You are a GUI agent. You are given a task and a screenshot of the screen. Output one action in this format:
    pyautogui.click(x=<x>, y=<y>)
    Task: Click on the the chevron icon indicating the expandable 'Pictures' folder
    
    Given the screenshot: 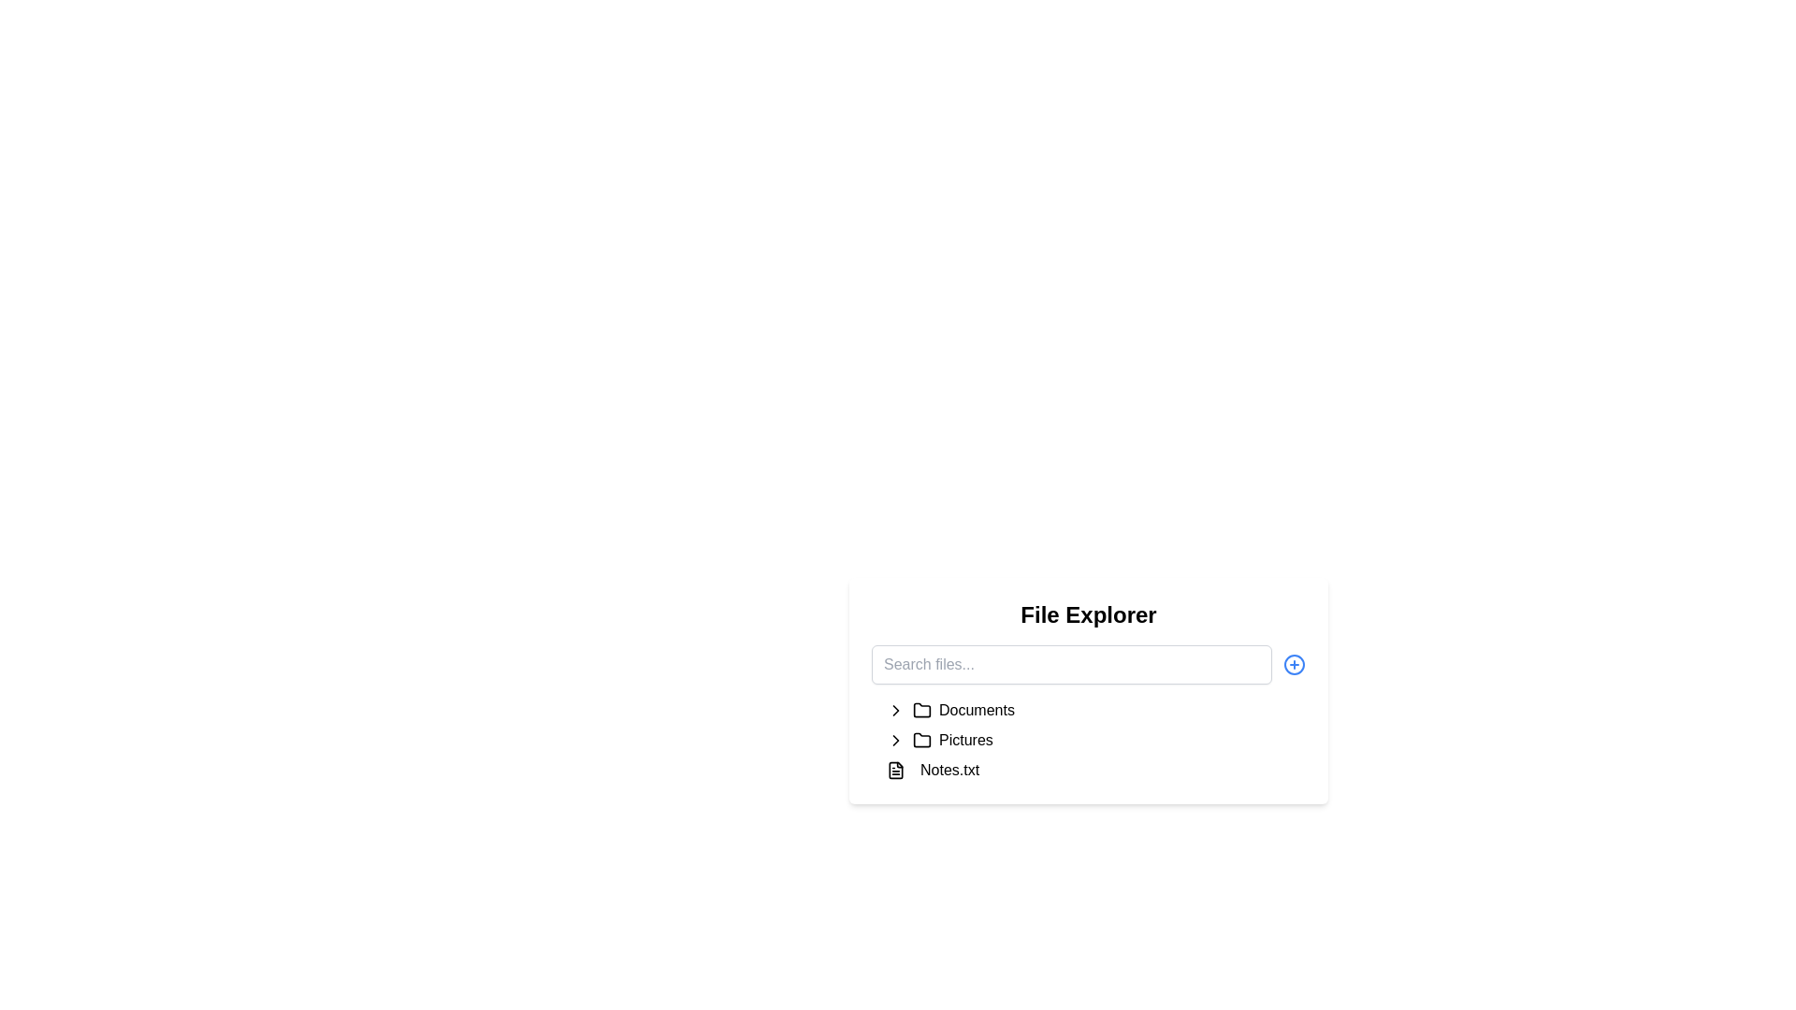 What is the action you would take?
    pyautogui.click(x=895, y=739)
    